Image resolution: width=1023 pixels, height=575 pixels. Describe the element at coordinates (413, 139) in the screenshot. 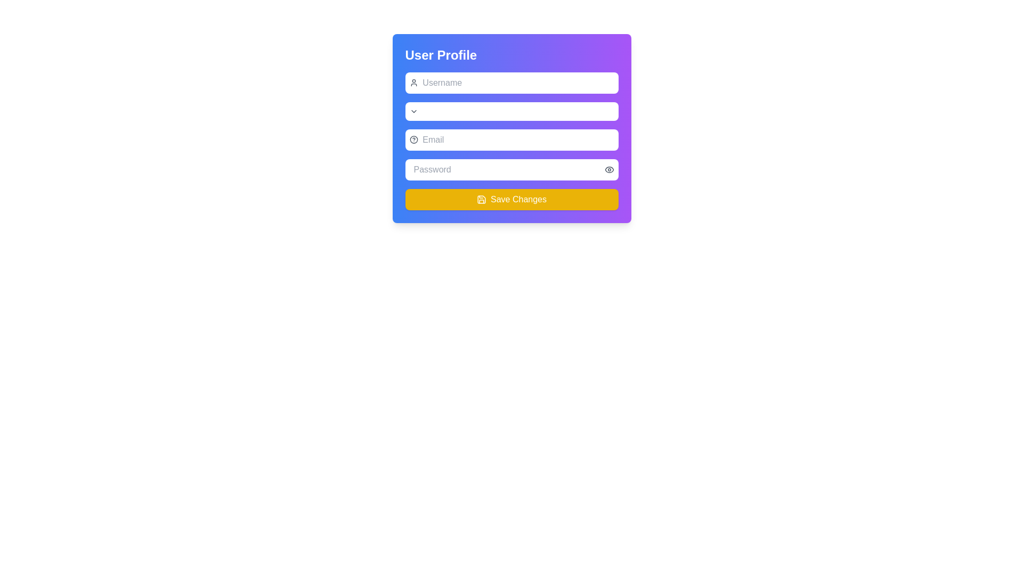

I see `the circular element of the help icon, which is part of a vector graphic component positioned near the email input field` at that location.